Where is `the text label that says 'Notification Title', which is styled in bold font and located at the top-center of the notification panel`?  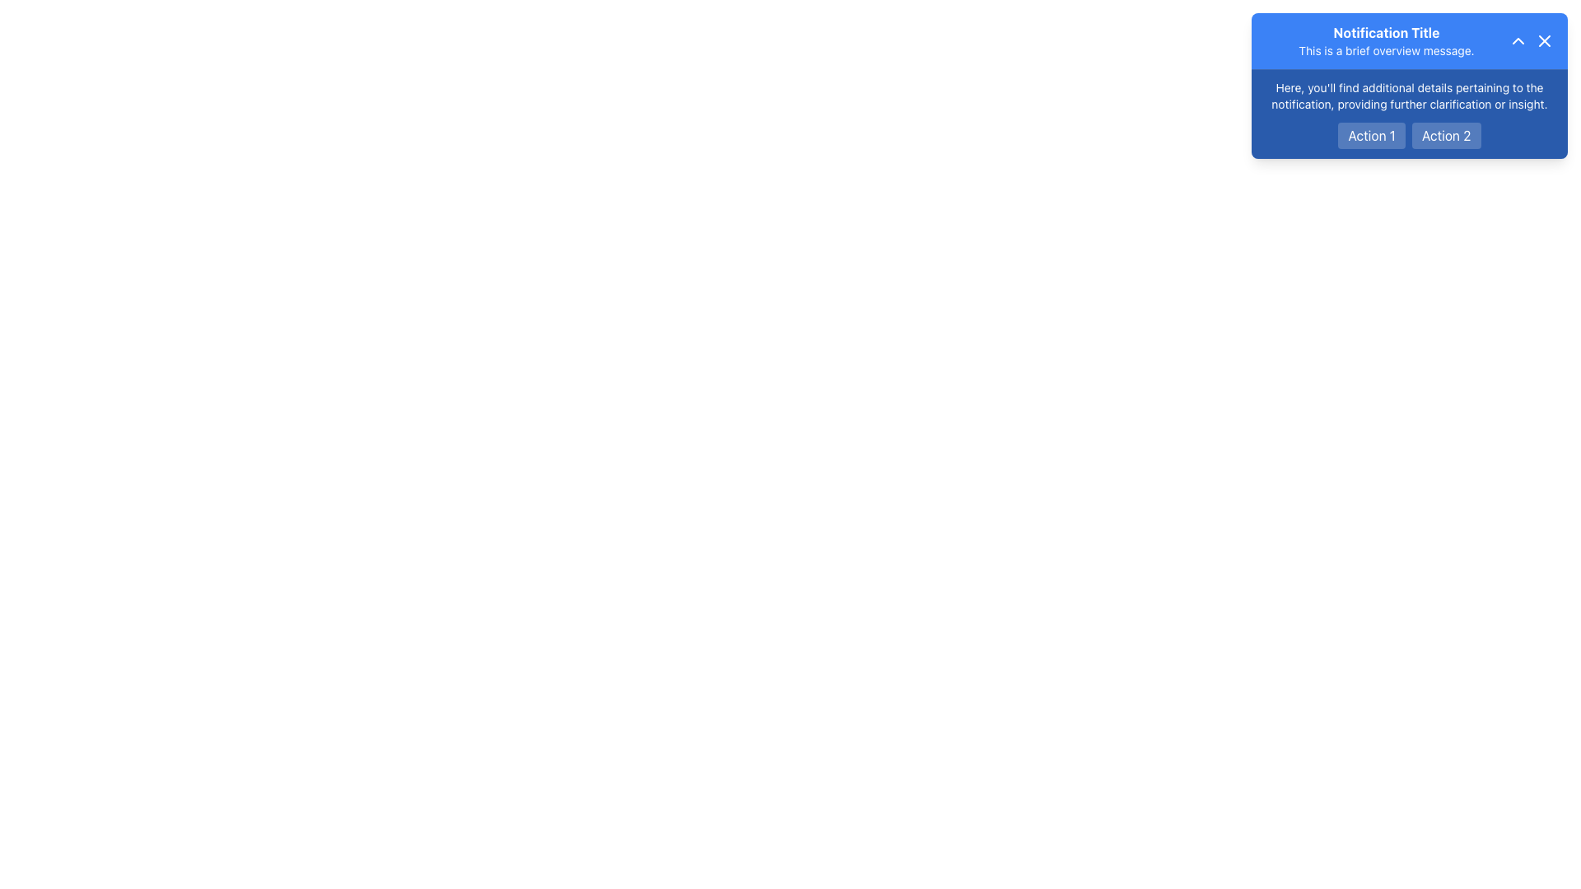
the text label that says 'Notification Title', which is styled in bold font and located at the top-center of the notification panel is located at coordinates (1386, 32).